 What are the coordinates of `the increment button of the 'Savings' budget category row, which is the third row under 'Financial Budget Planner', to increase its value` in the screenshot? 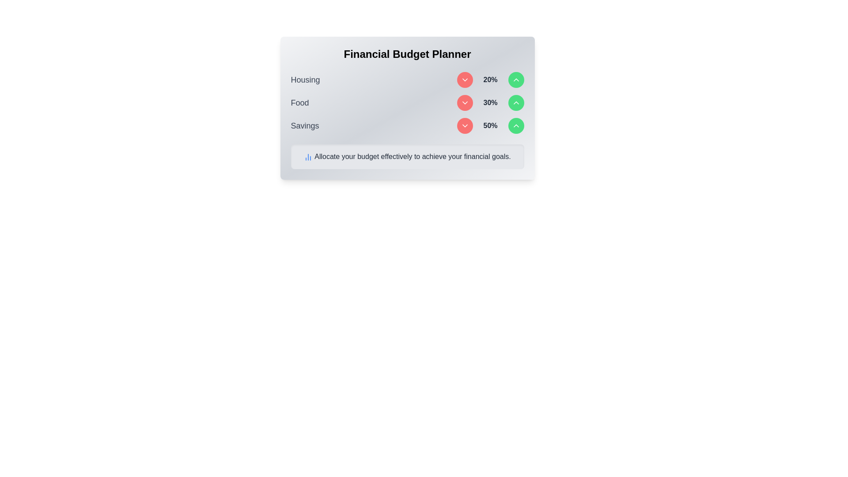 It's located at (407, 126).